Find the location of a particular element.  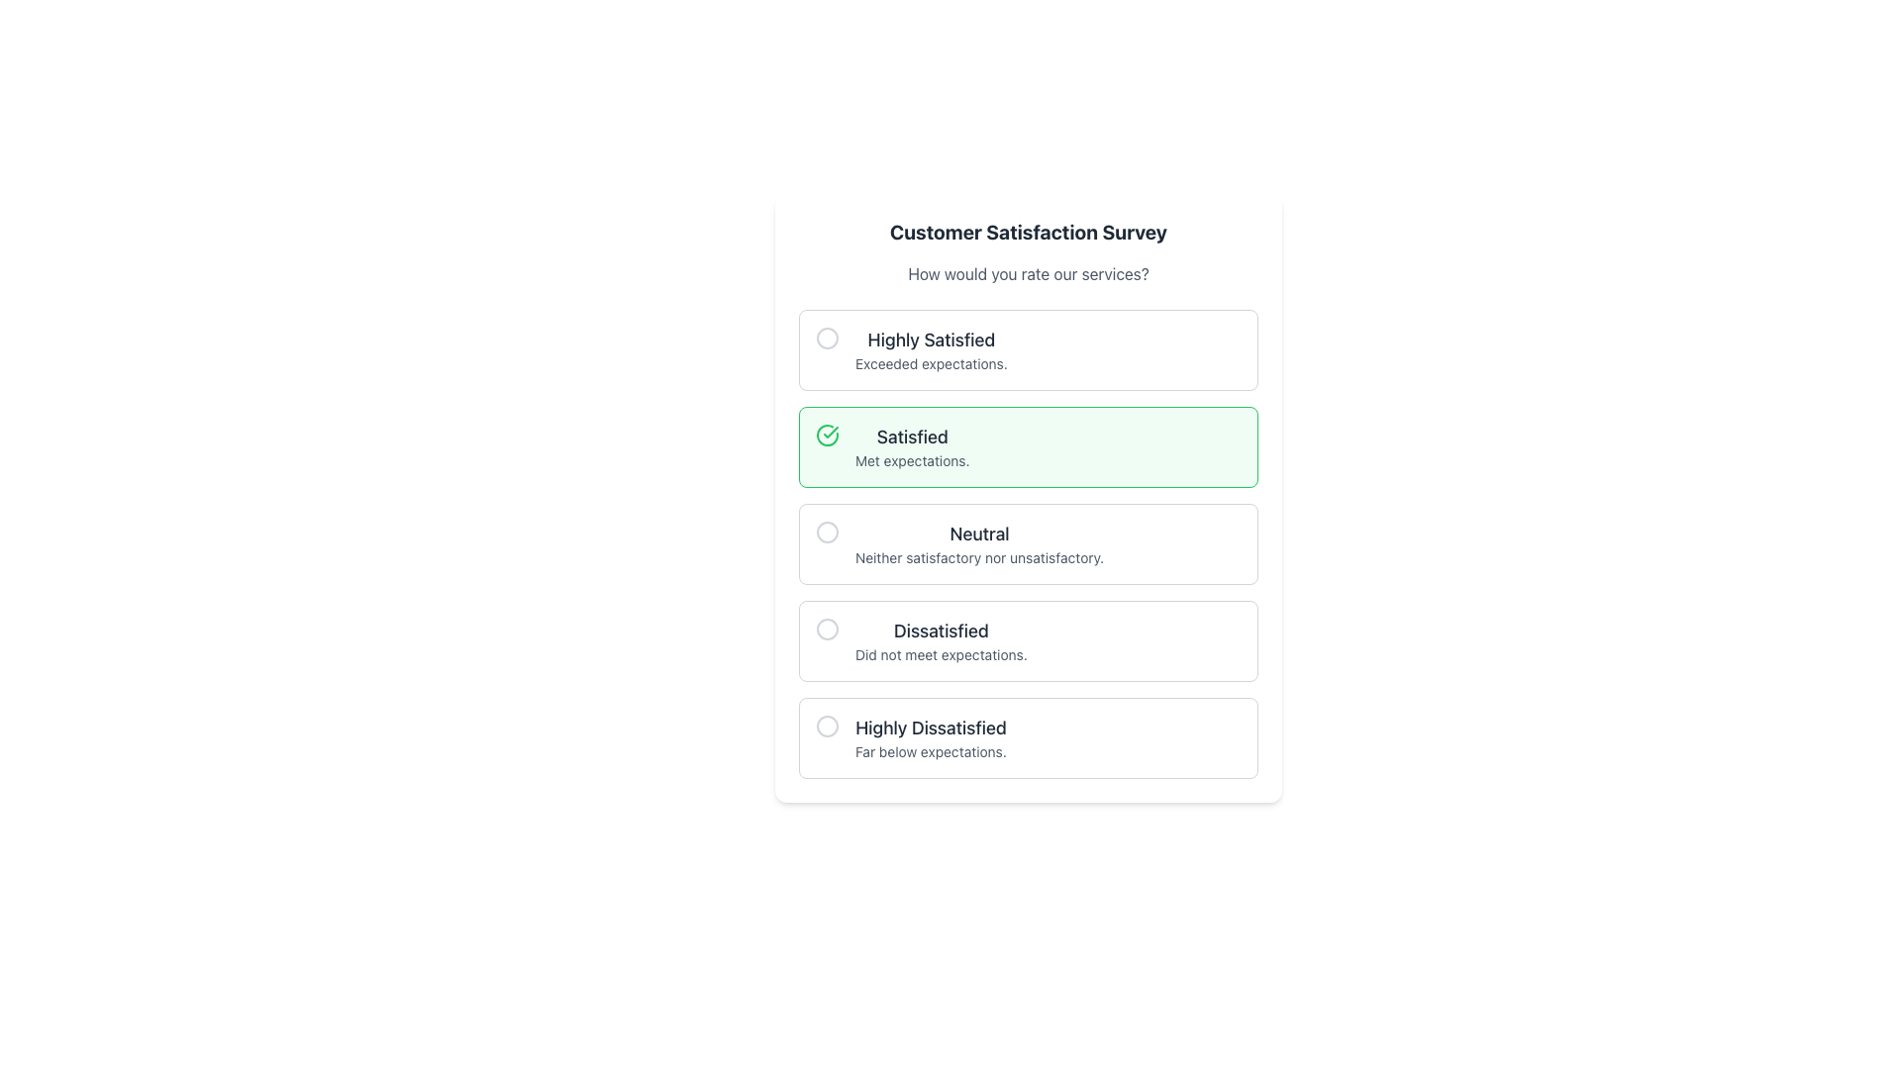

the Text Label that provides additional descriptive information about the 'Neutral' survey option, located below the header text 'Neutral' within the survey form is located at coordinates (979, 557).